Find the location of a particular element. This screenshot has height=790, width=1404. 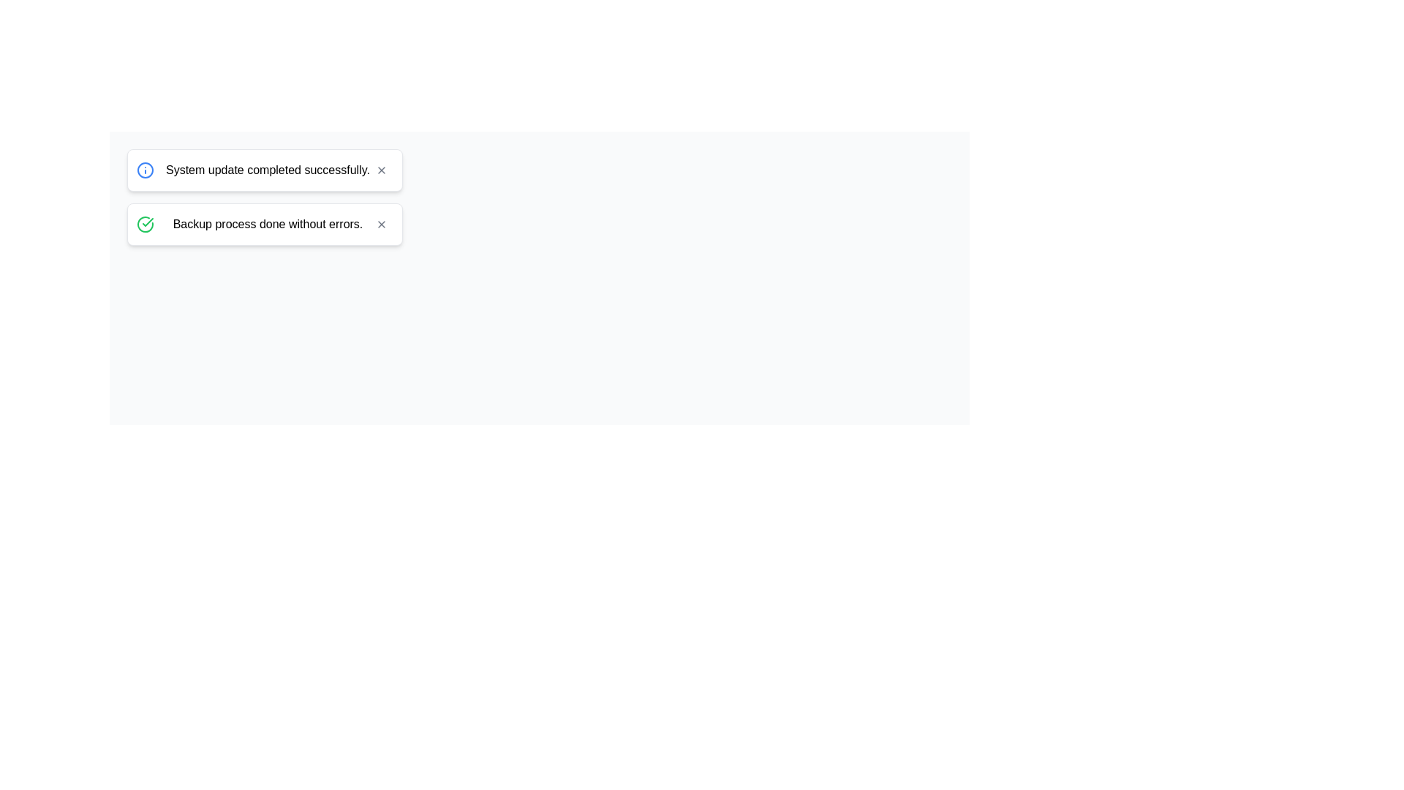

the leftmost icon in the notification card that indicates a status notification for 'System update completed successfully' is located at coordinates (145, 169).